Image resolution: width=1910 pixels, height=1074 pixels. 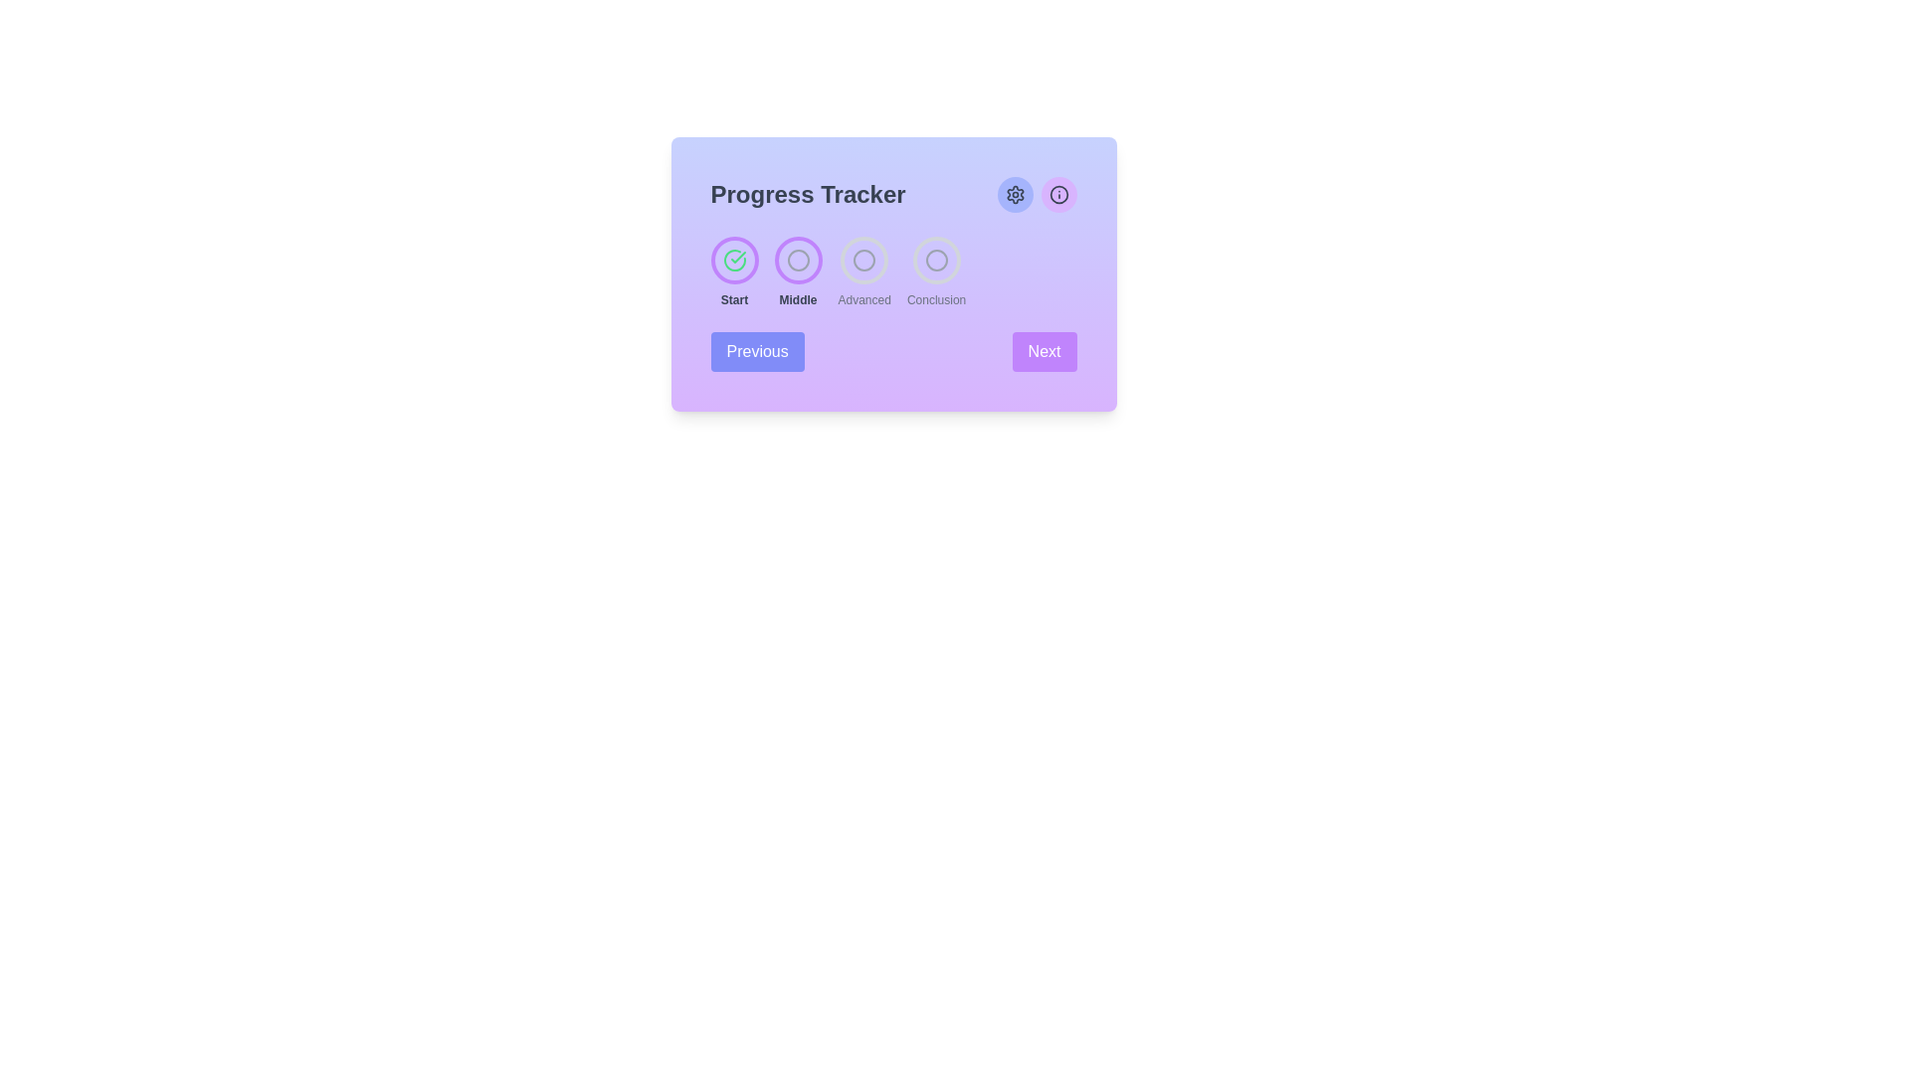 I want to click on the circular visual indicator that represents the 'Middle' step in the progress tracker component, so click(x=798, y=260).